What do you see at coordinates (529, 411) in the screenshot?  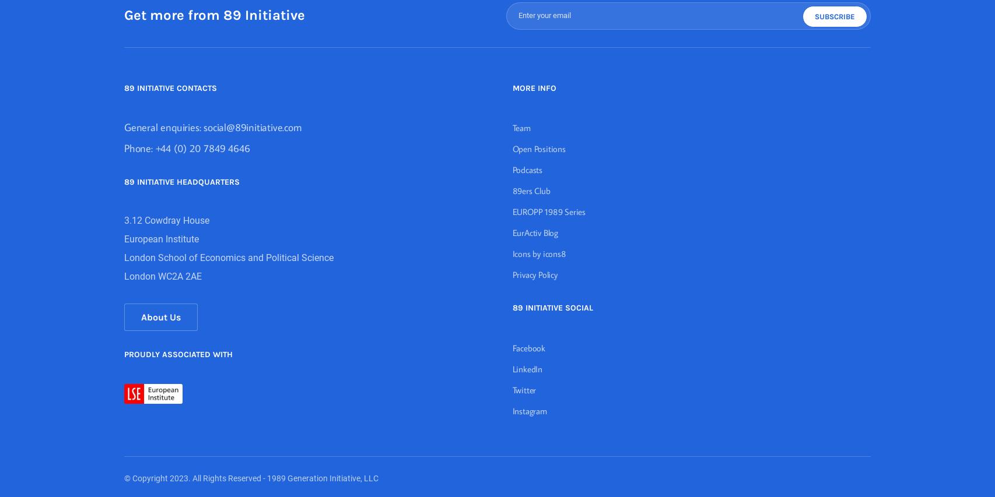 I see `'Instagram'` at bounding box center [529, 411].